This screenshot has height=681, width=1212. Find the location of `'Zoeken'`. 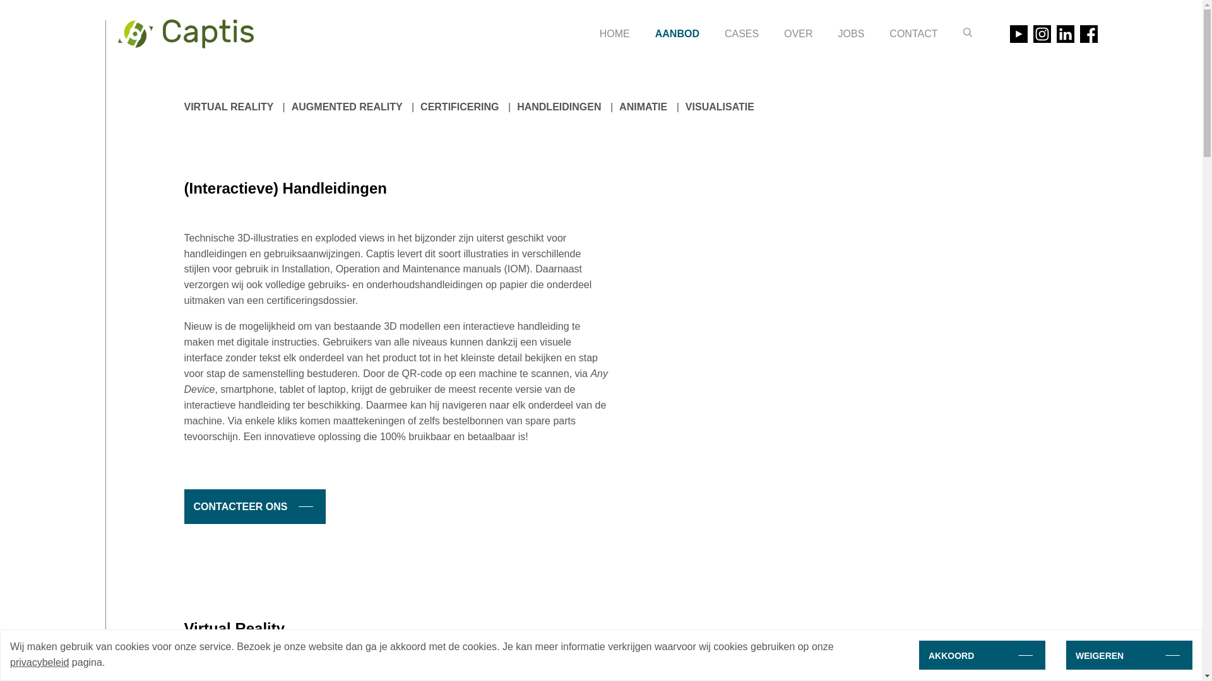

'Zoeken' is located at coordinates (963, 32).